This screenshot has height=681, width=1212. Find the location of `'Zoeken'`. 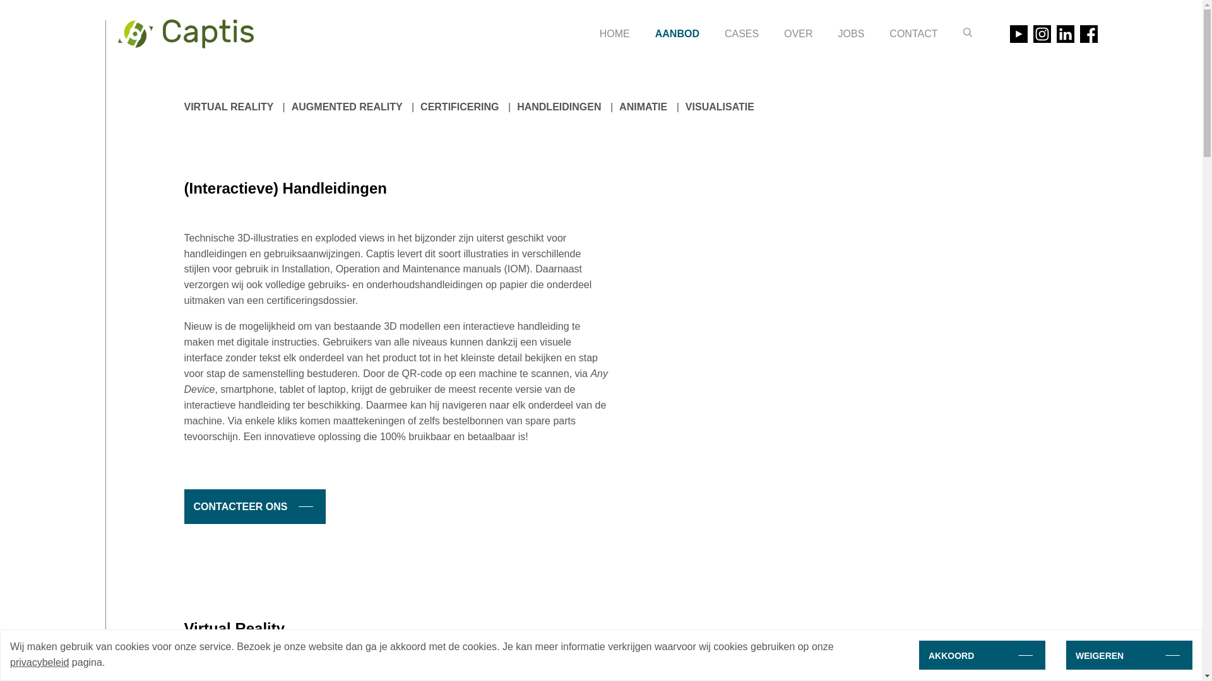

'Zoeken' is located at coordinates (963, 32).